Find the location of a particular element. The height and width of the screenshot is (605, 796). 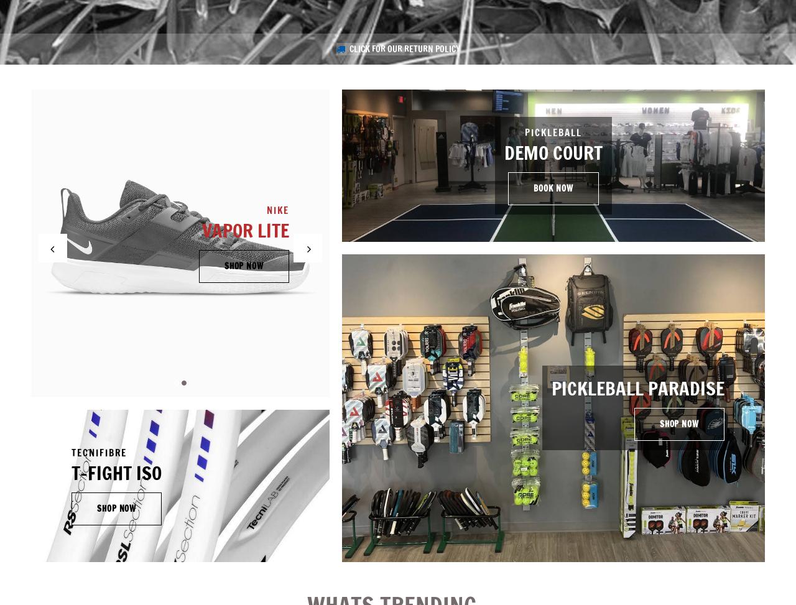

'BOOK NOW' is located at coordinates (533, 188).